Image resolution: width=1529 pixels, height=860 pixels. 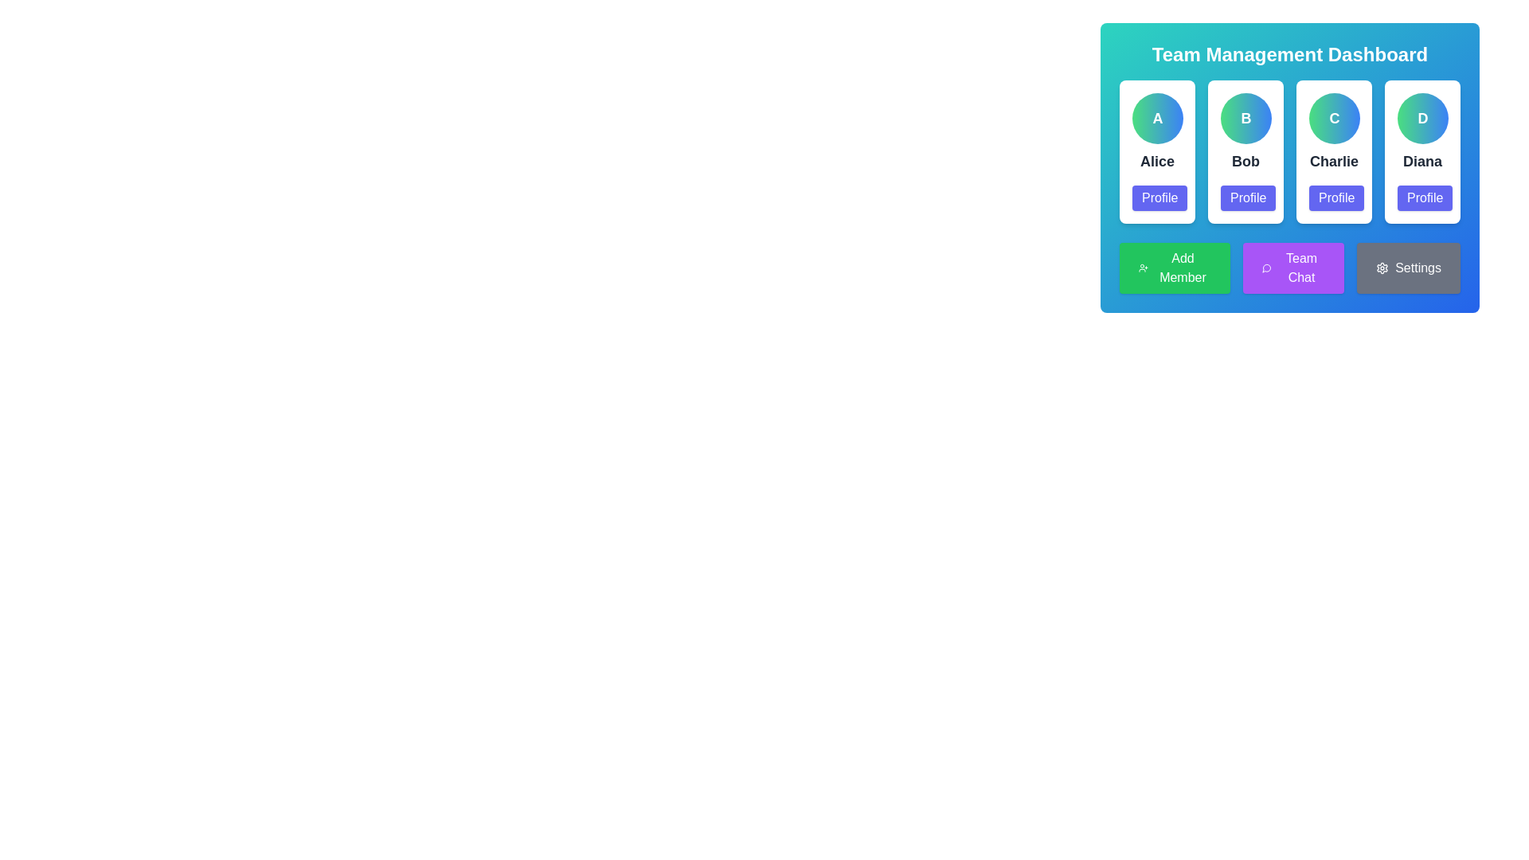 What do you see at coordinates (1422, 162) in the screenshot?
I see `the text label displaying 'Diana' in bold font, located in the fourth profile card from the left, positioned below the profile image and above the 'Profile' button` at bounding box center [1422, 162].